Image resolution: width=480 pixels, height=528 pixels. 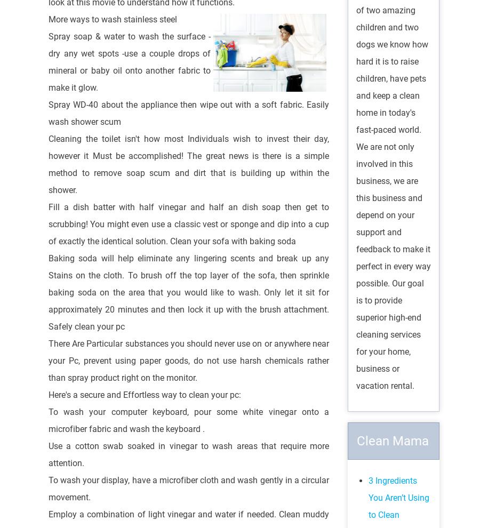 I want to click on 'To wash your display, have a microfiber cloth and wash gently in a circular movement.', so click(x=188, y=487).